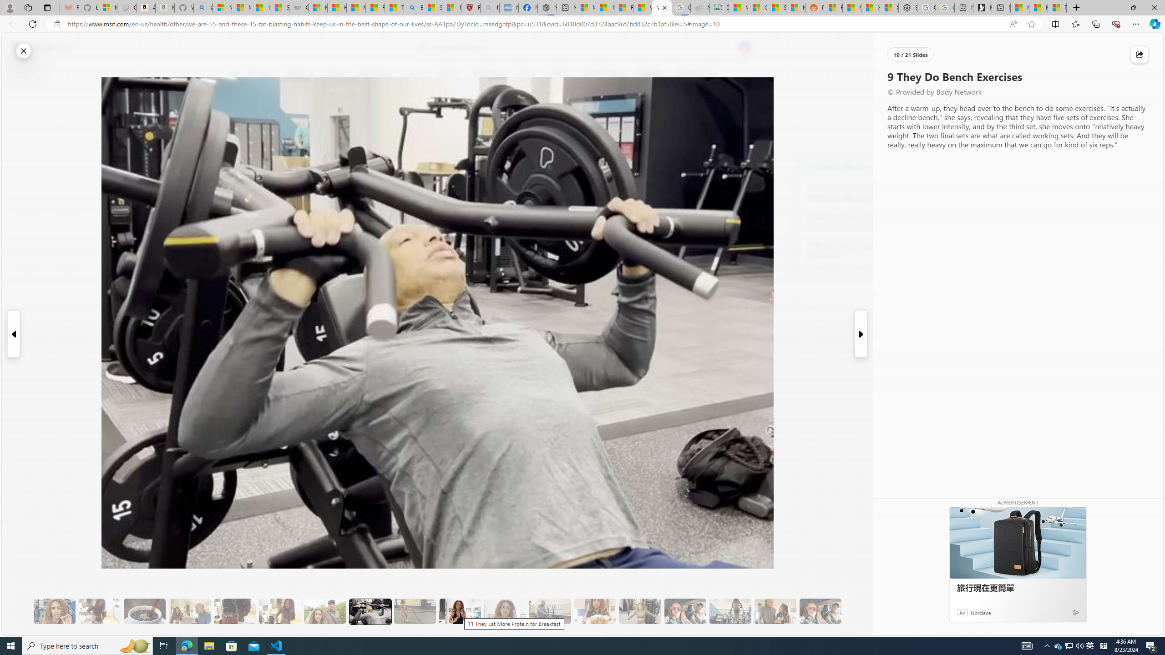 This screenshot has height=655, width=1165. What do you see at coordinates (144, 611) in the screenshot?
I see `'8 Be Mindful of Coffee'` at bounding box center [144, 611].